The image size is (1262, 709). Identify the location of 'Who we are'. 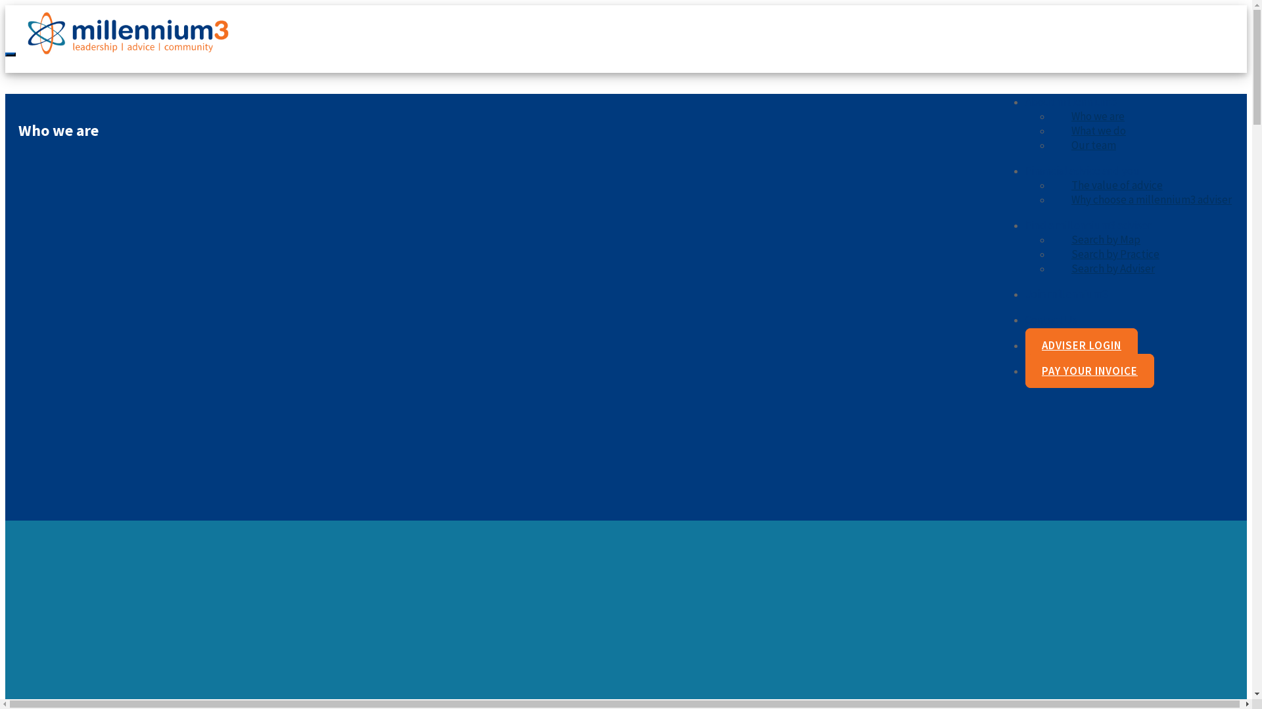
(1050, 116).